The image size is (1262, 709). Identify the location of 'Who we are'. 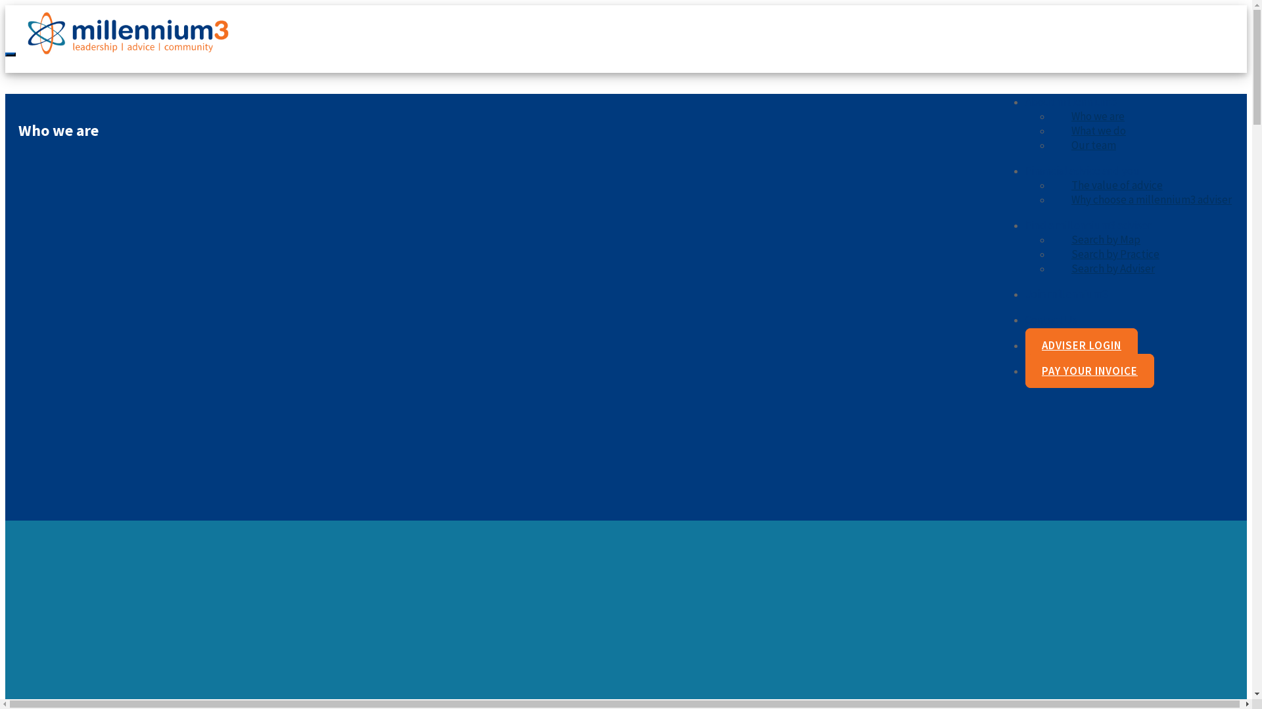
(1050, 116).